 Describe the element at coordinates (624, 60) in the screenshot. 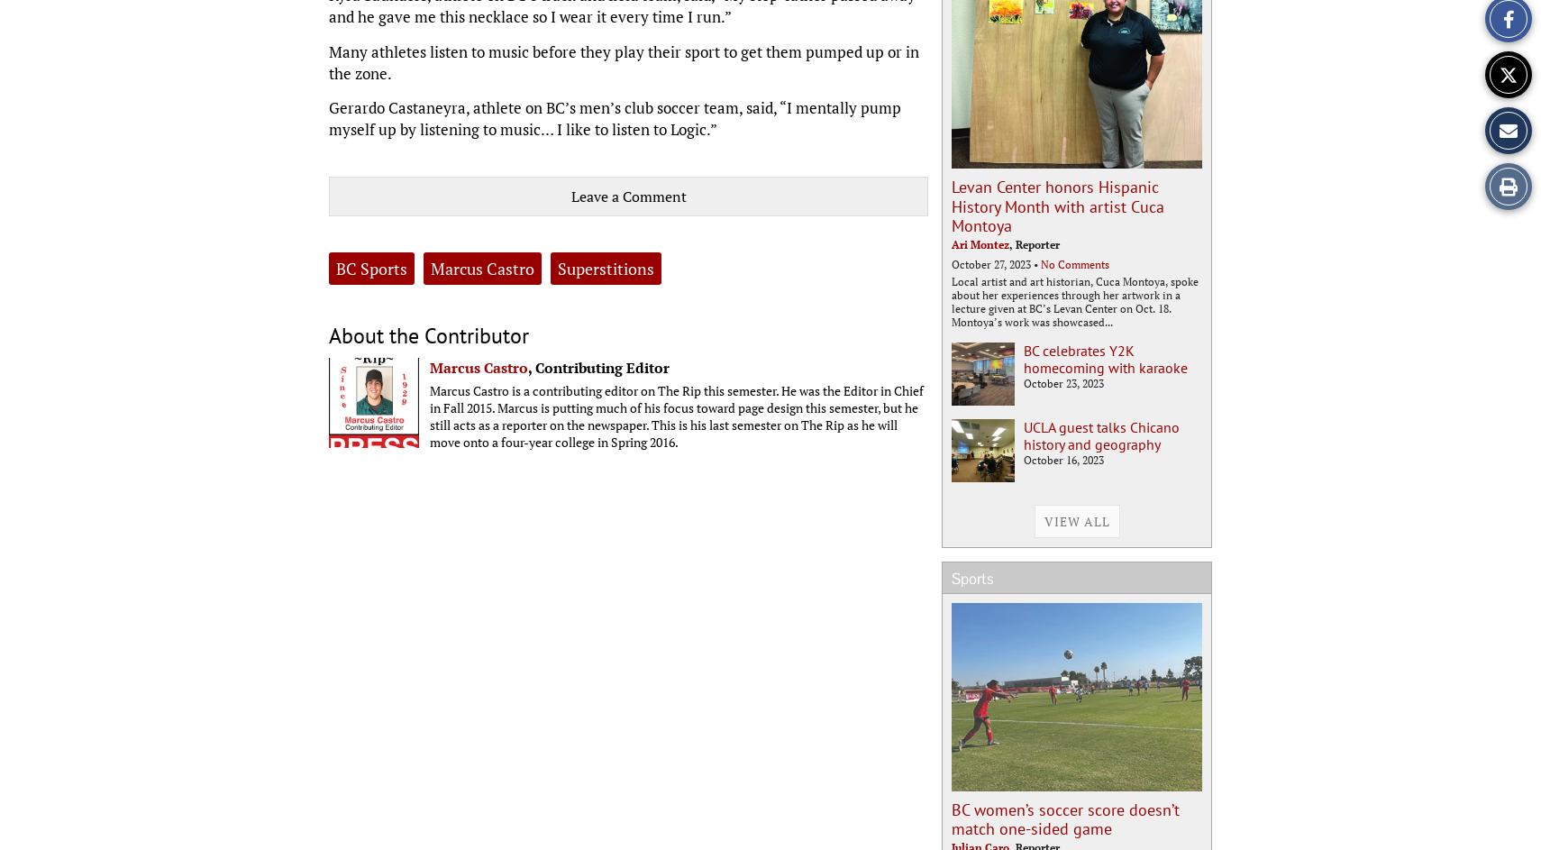

I see `'Many athletes listen to music before they play their sport to get them pumped up or in the zone.'` at that location.